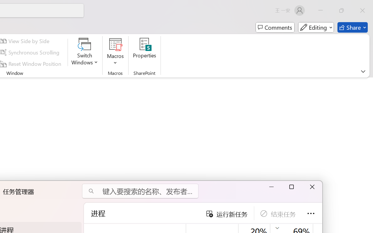 The height and width of the screenshot is (233, 373). What do you see at coordinates (115, 52) in the screenshot?
I see `'Macros'` at bounding box center [115, 52].